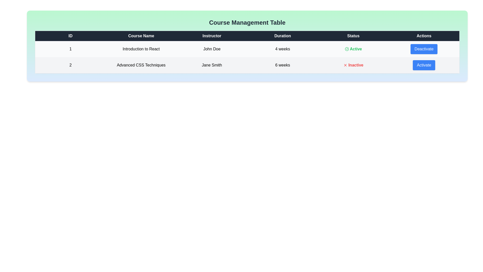  I want to click on text displayed in the Status Label located in the first row of the Status column, visually aligned with the '4 weeks' cell in the Duration column and the 'Deactivate' button in the Actions column, so click(353, 49).